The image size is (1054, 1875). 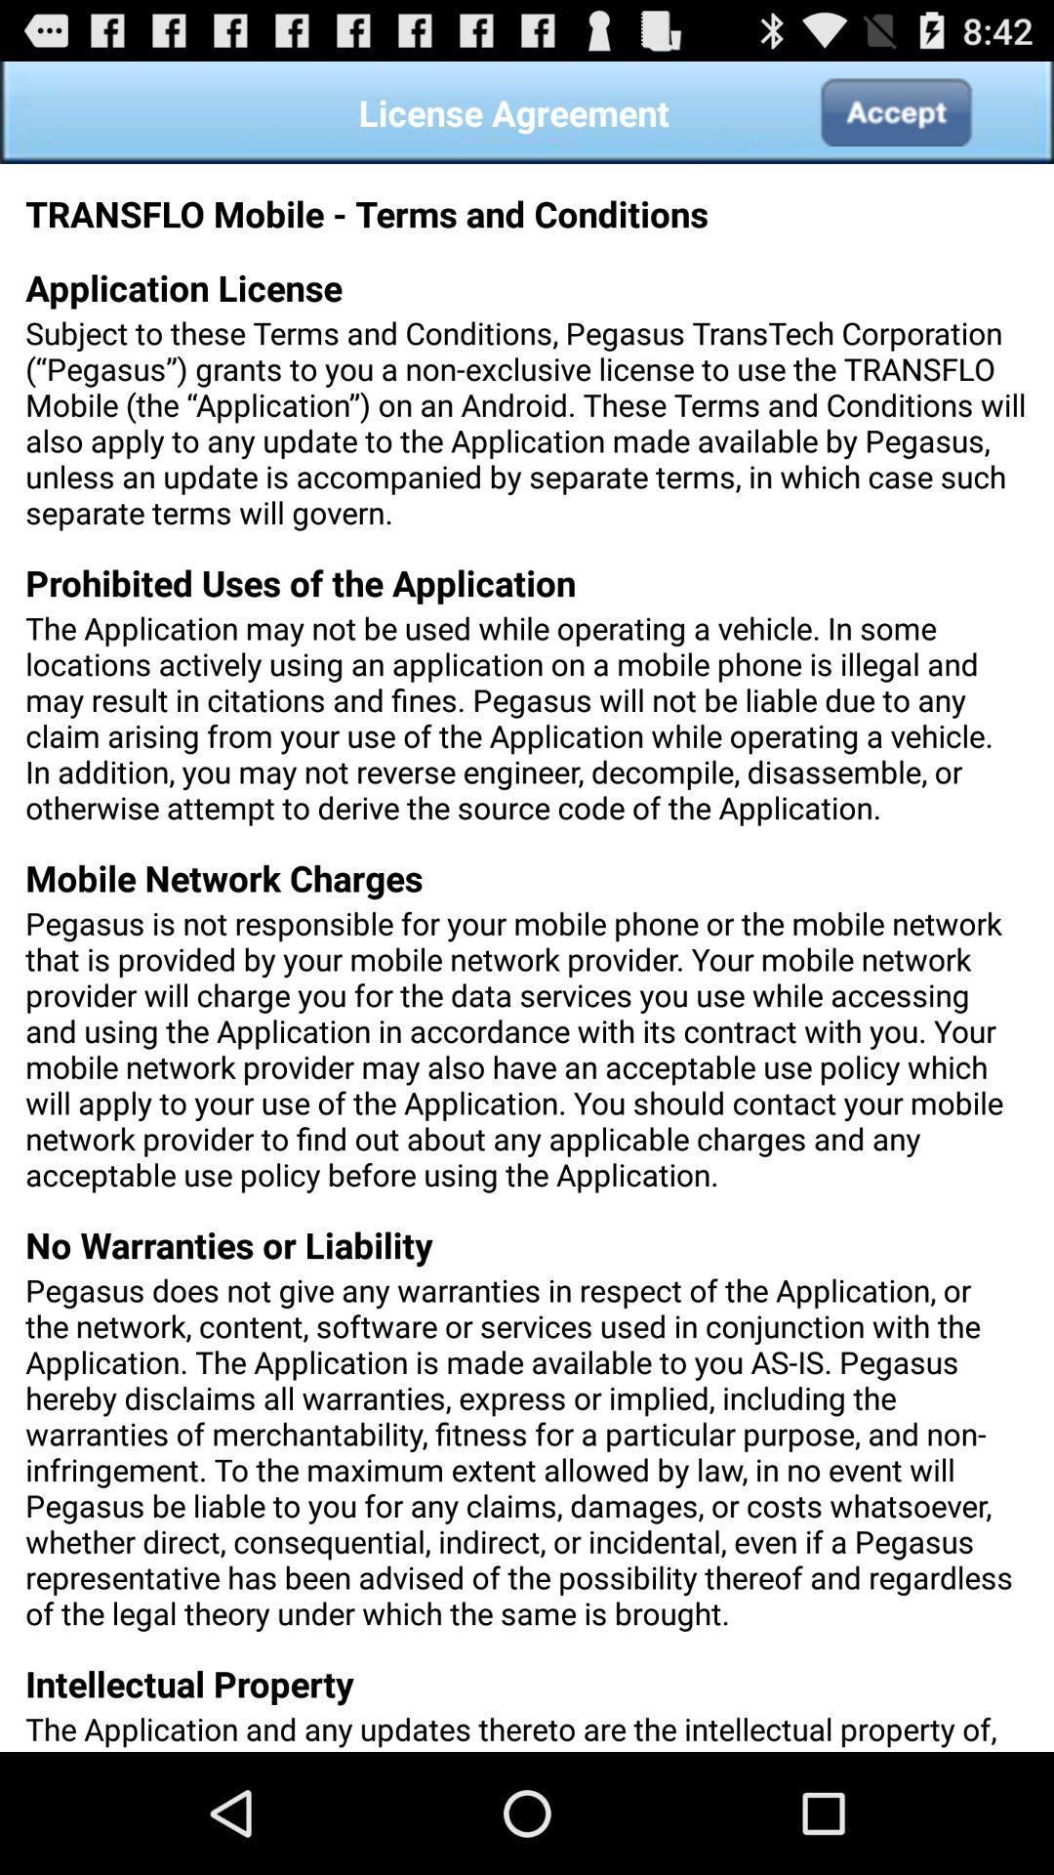 I want to click on the icon above subject to these, so click(x=895, y=111).